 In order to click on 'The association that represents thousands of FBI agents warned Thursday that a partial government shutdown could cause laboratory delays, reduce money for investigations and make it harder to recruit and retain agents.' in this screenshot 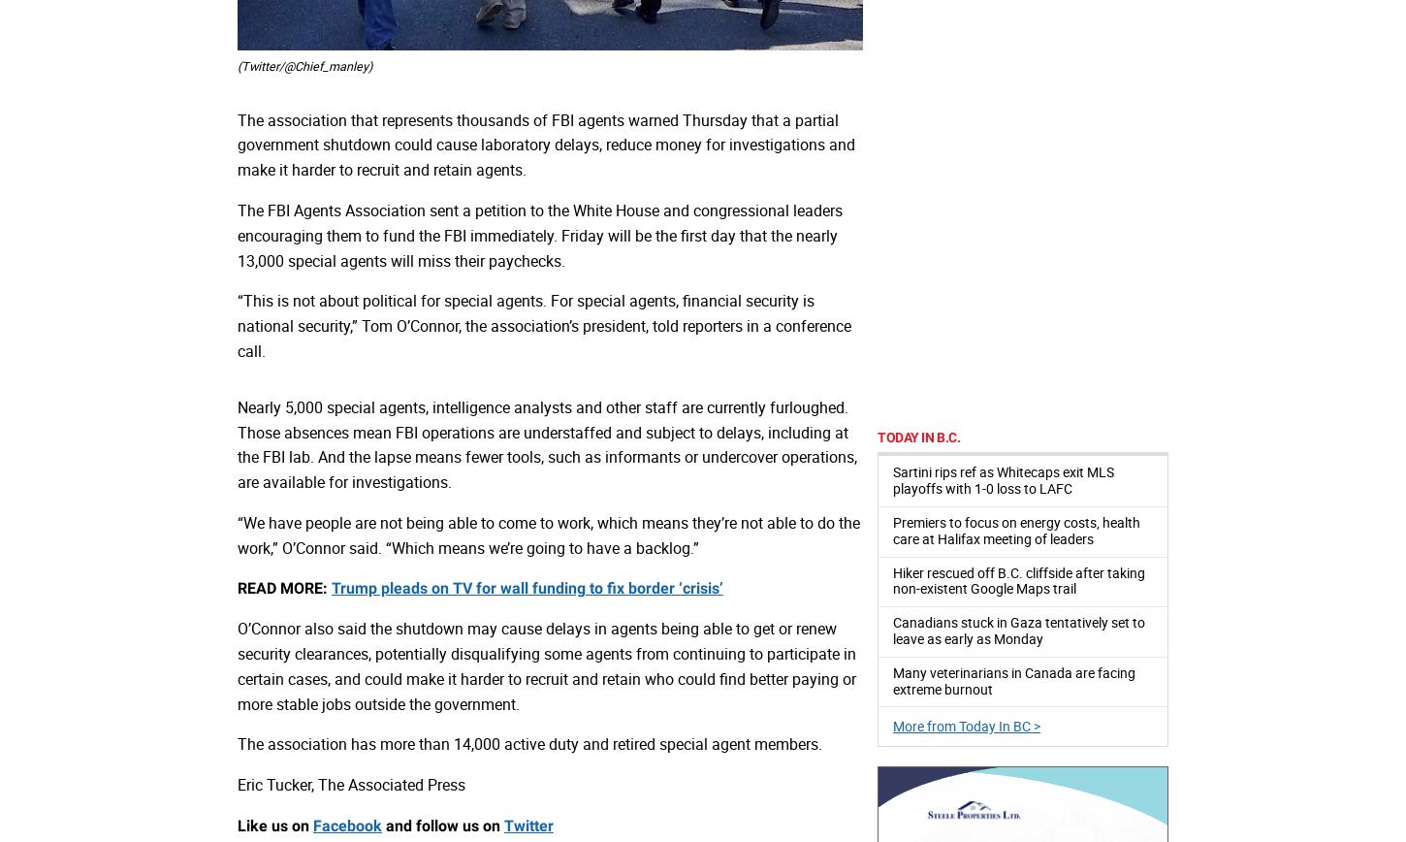, I will do `click(546, 145)`.